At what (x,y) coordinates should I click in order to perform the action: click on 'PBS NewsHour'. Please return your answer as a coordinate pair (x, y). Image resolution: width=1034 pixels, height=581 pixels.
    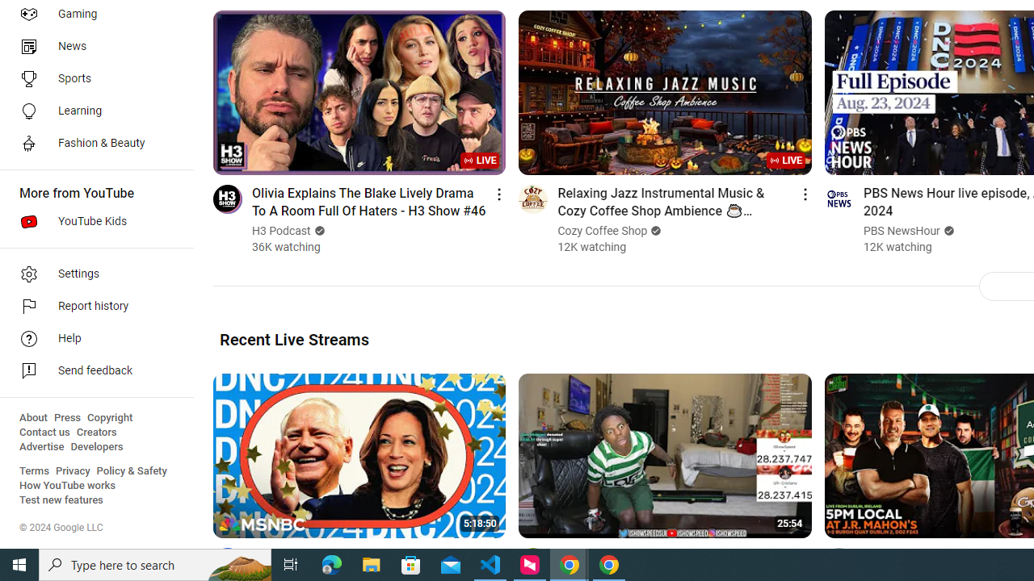
    Looking at the image, I should click on (901, 231).